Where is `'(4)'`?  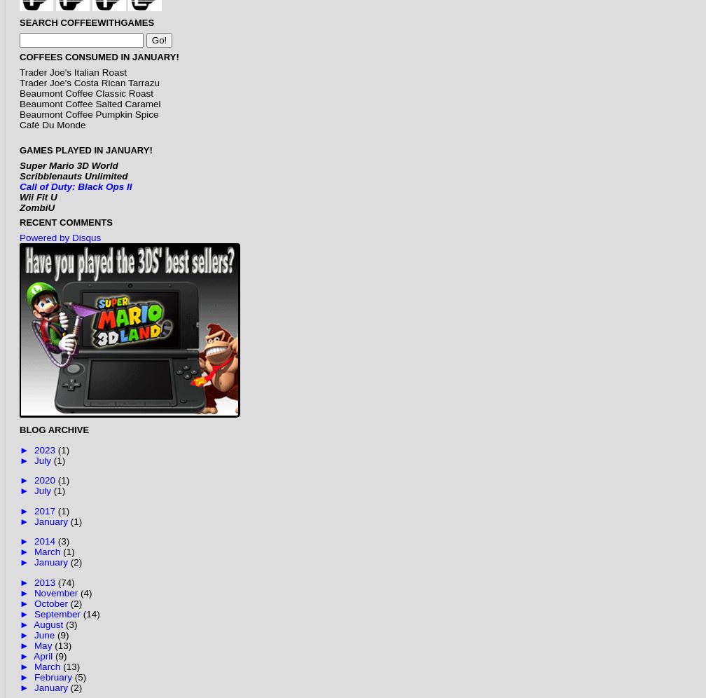
'(4)' is located at coordinates (85, 592).